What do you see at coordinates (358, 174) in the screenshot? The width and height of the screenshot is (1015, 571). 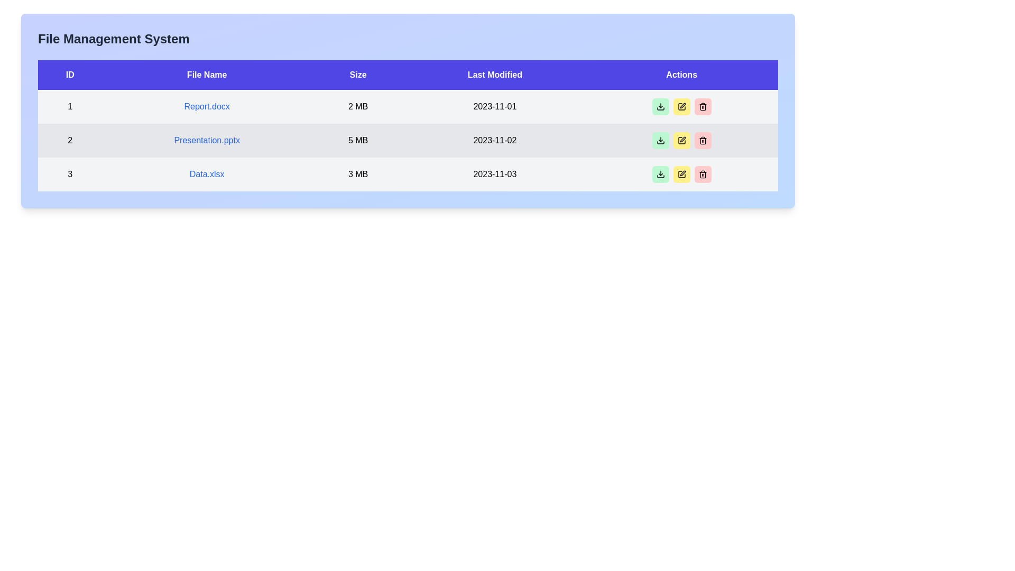 I see `the table cell content displaying '3 MB' in the third row under the 'Size' header` at bounding box center [358, 174].